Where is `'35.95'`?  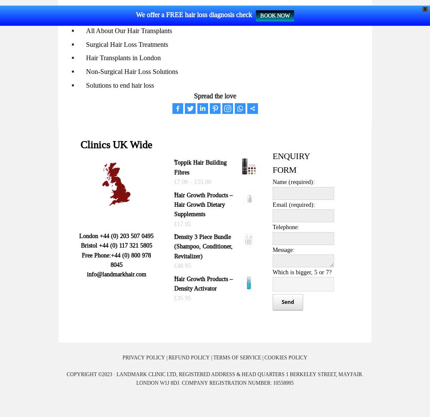
'35.95' is located at coordinates (184, 297).